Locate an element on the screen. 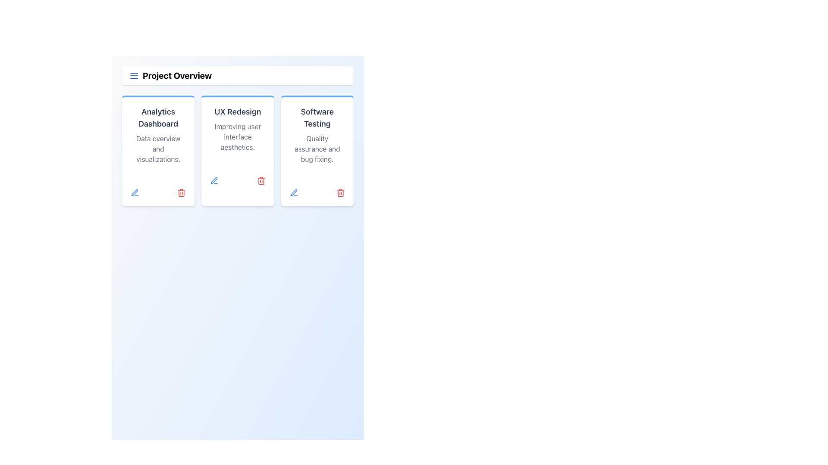 The width and height of the screenshot is (828, 465). the 'UX Redesign' card component is located at coordinates (238, 150).